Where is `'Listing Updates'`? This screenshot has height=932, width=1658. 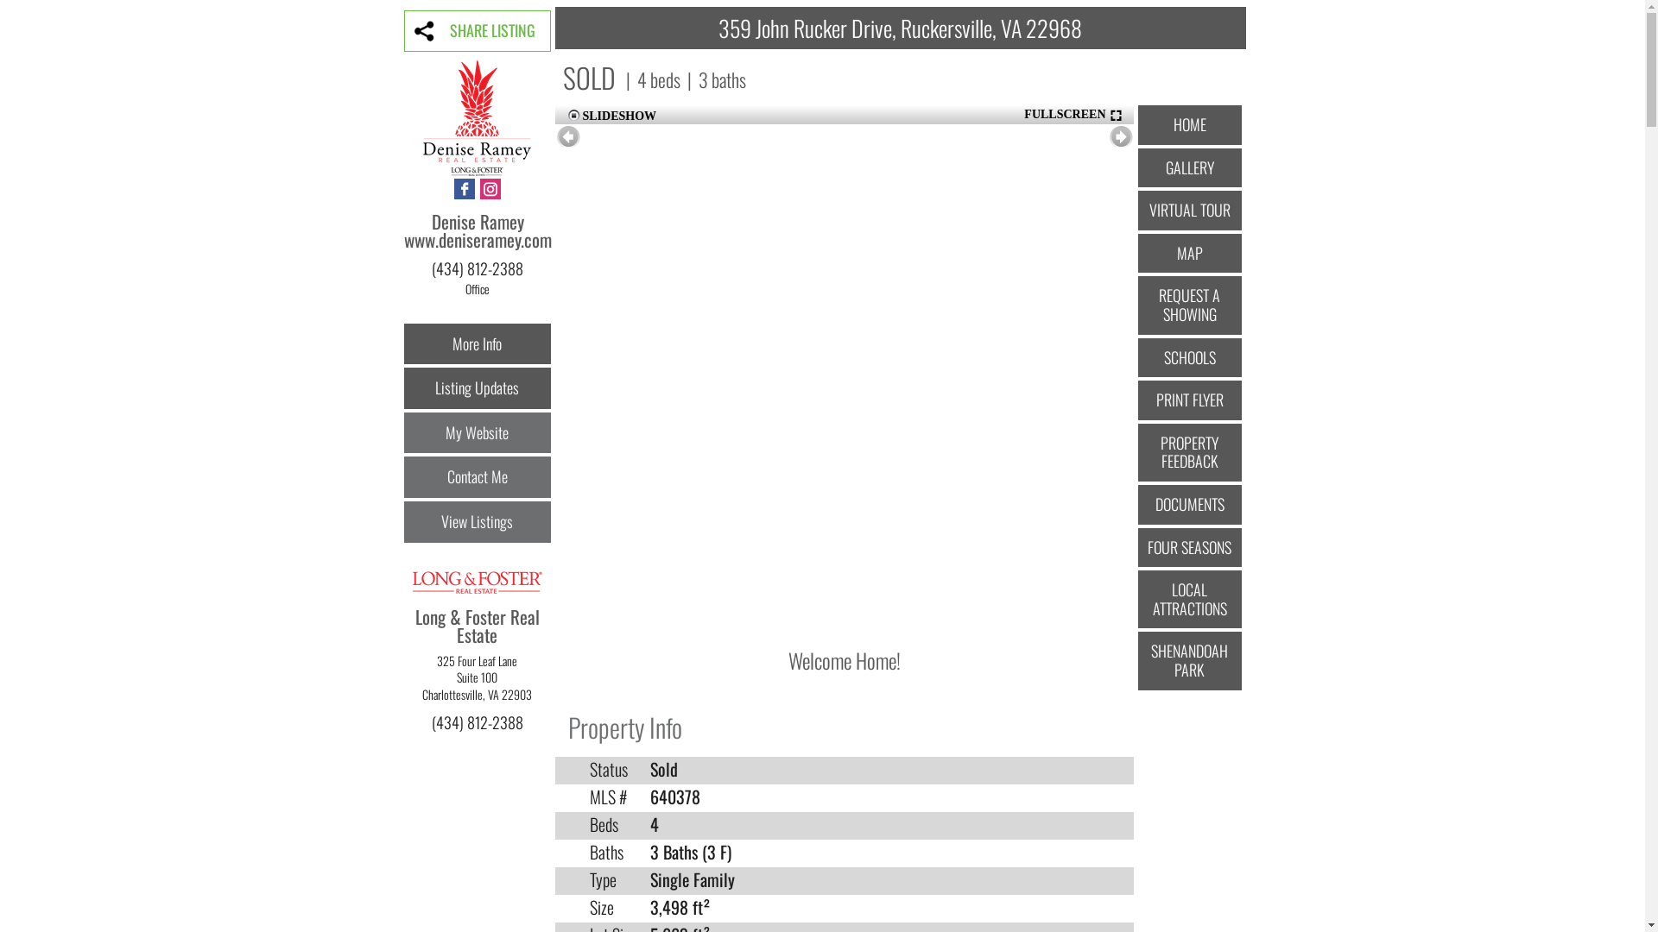
'Listing Updates' is located at coordinates (477, 388).